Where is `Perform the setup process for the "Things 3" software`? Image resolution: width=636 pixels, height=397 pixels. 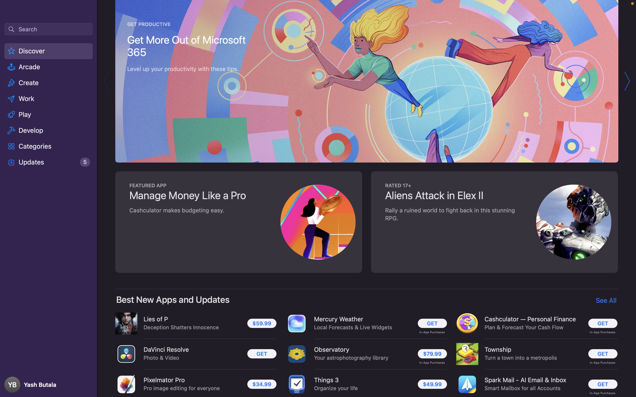
Perform the setup process for the "Things 3" software is located at coordinates (433, 384).